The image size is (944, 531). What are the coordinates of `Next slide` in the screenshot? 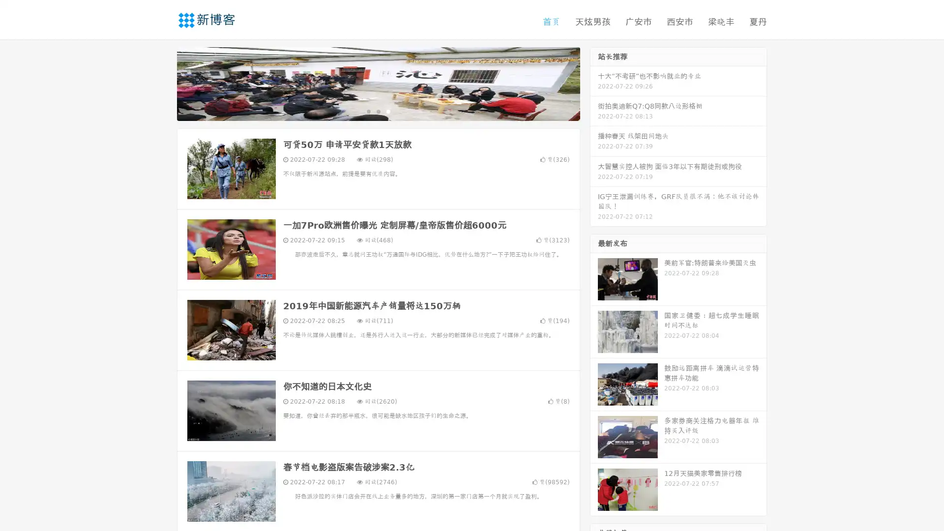 It's located at (594, 83).